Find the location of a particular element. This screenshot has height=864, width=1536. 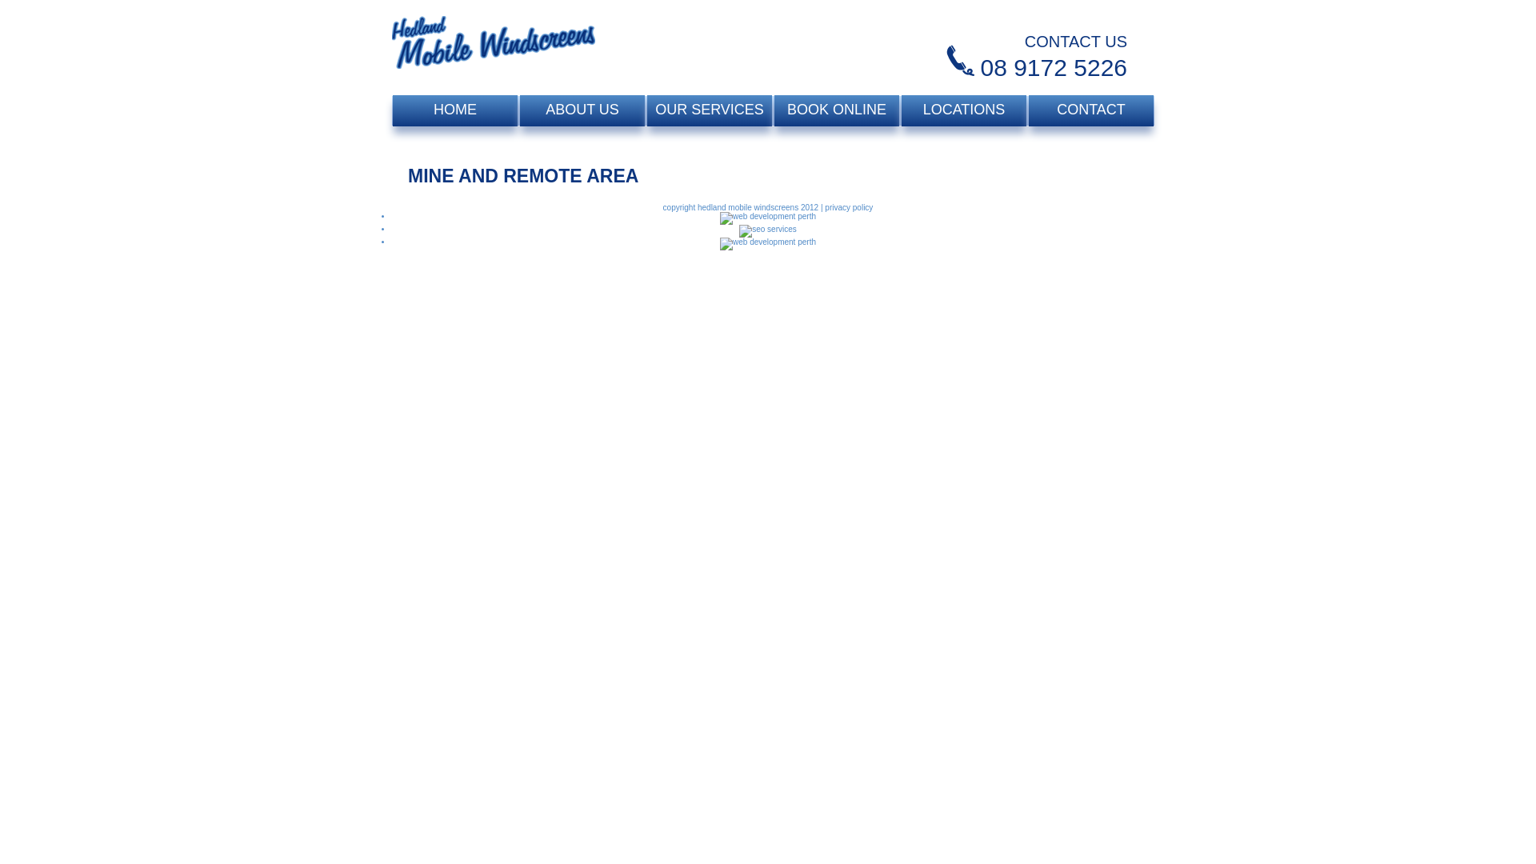

'privacy policy' is located at coordinates (847, 206).